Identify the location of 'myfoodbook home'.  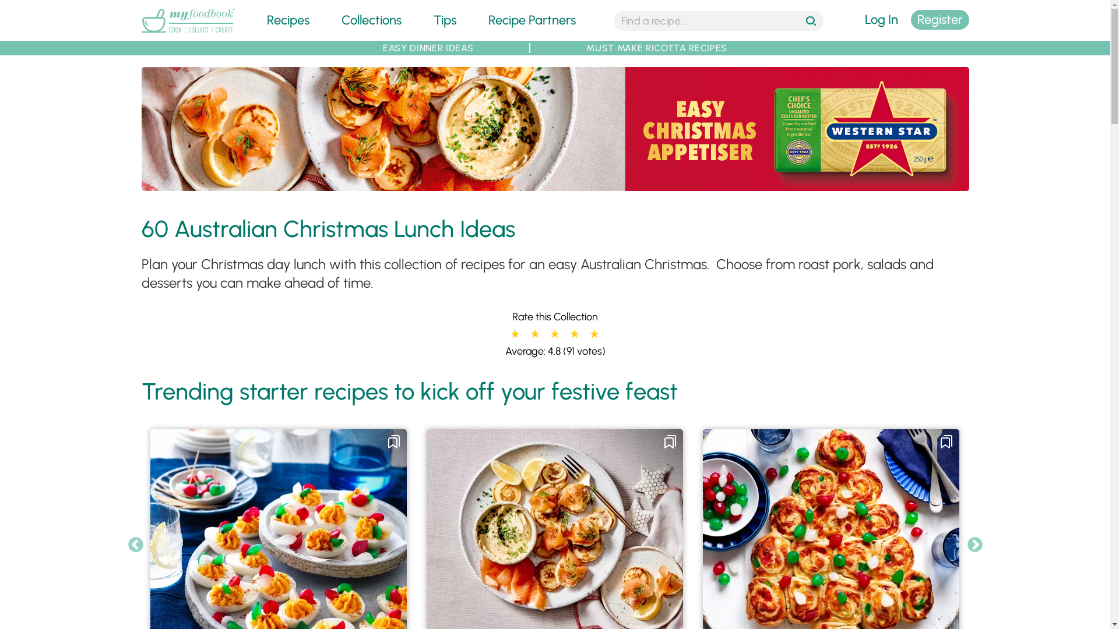
(187, 33).